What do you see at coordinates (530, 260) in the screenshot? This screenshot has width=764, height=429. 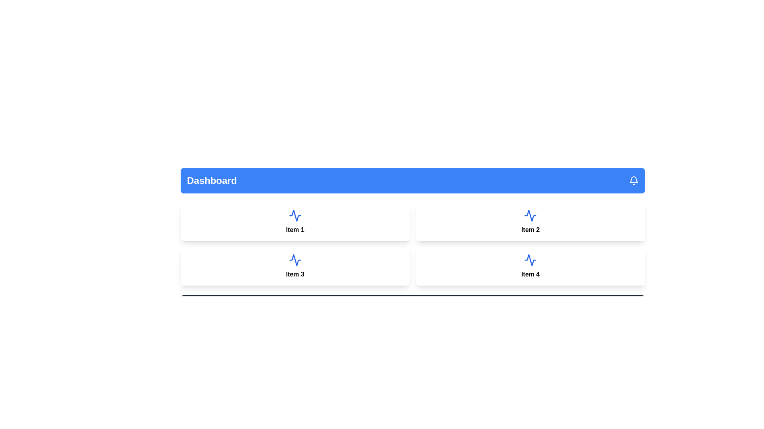 I see `the activity icon located in the bottom-right panel under the 'Item 4' label in the grid layout below the blue navigation bar labeled 'Dashboard'` at bounding box center [530, 260].